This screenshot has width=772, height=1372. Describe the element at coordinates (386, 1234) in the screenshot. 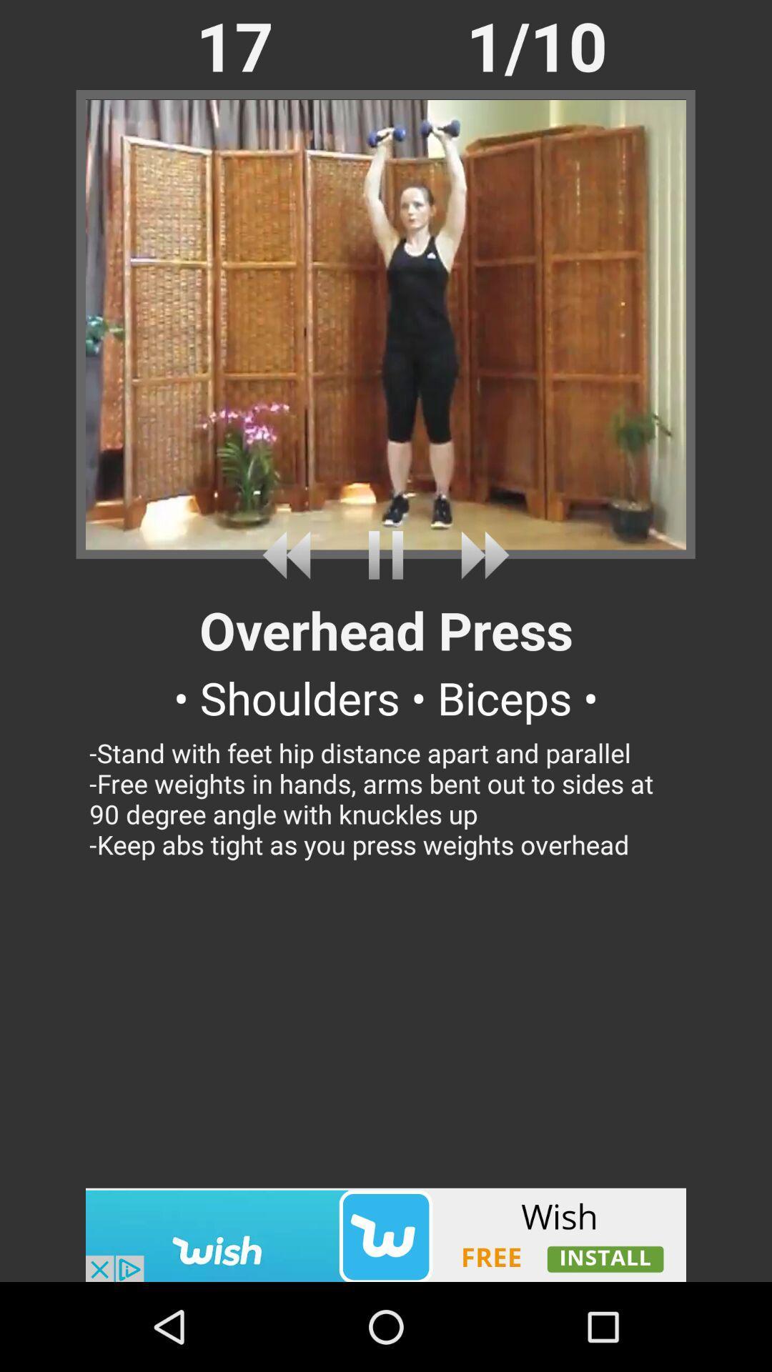

I see `advertiser link` at that location.